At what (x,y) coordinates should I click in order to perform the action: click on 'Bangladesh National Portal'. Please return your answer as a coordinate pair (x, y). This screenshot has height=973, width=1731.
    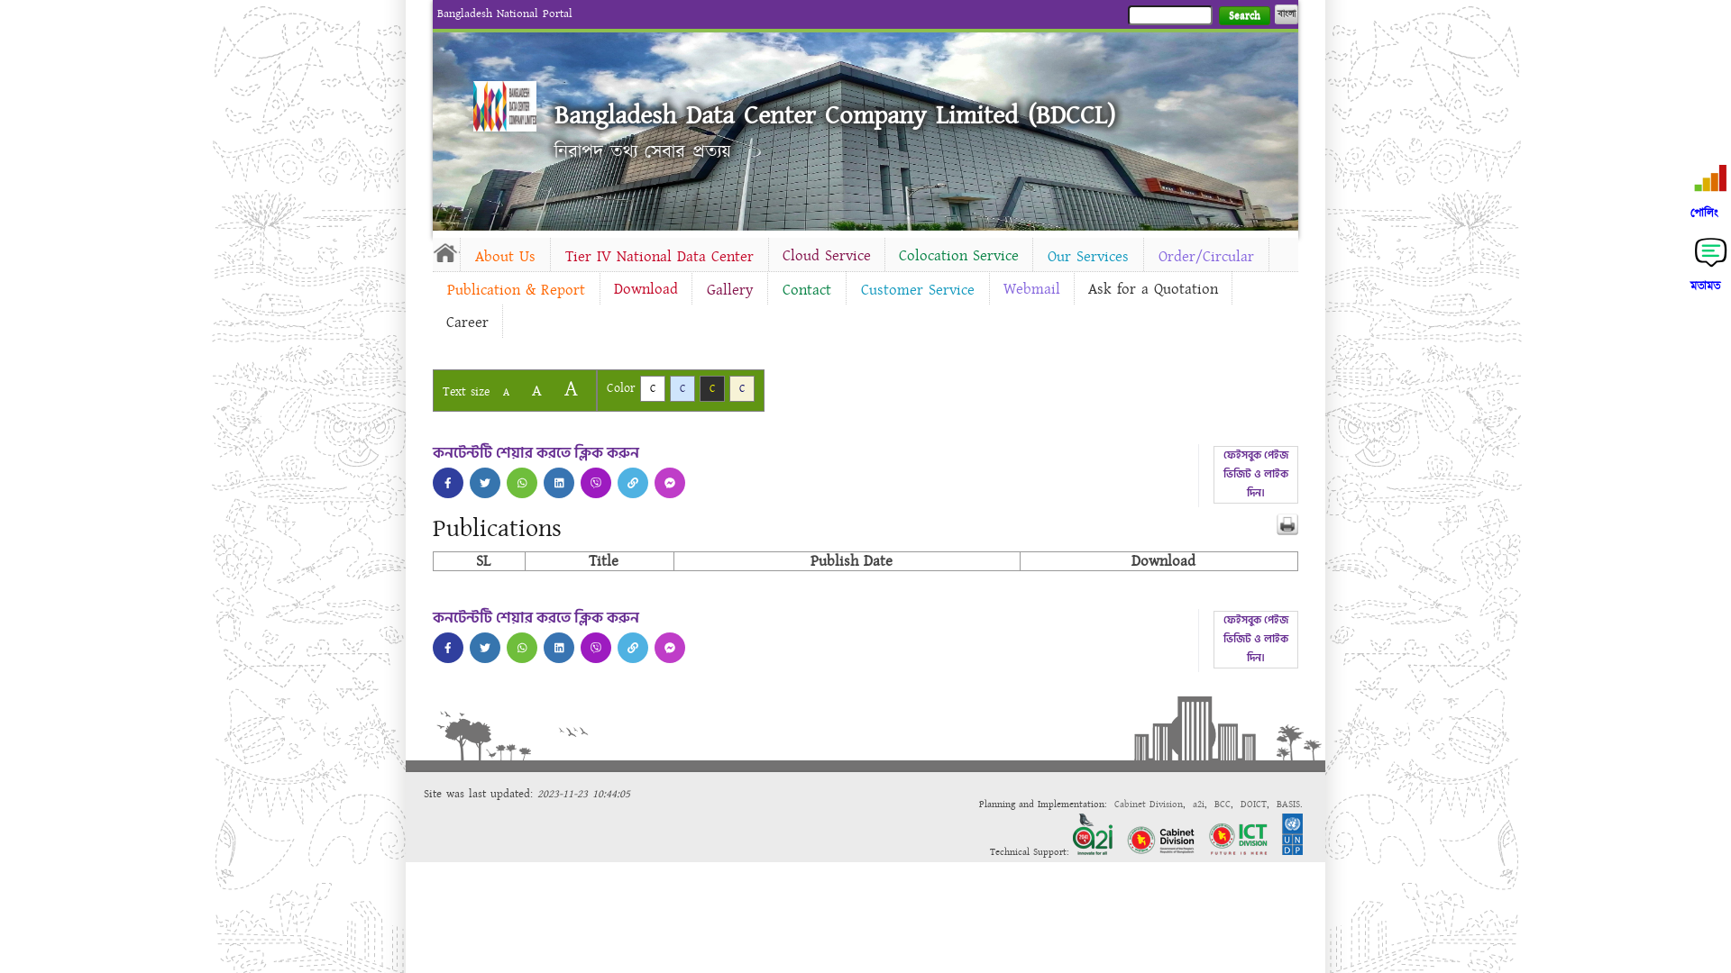
    Looking at the image, I should click on (505, 14).